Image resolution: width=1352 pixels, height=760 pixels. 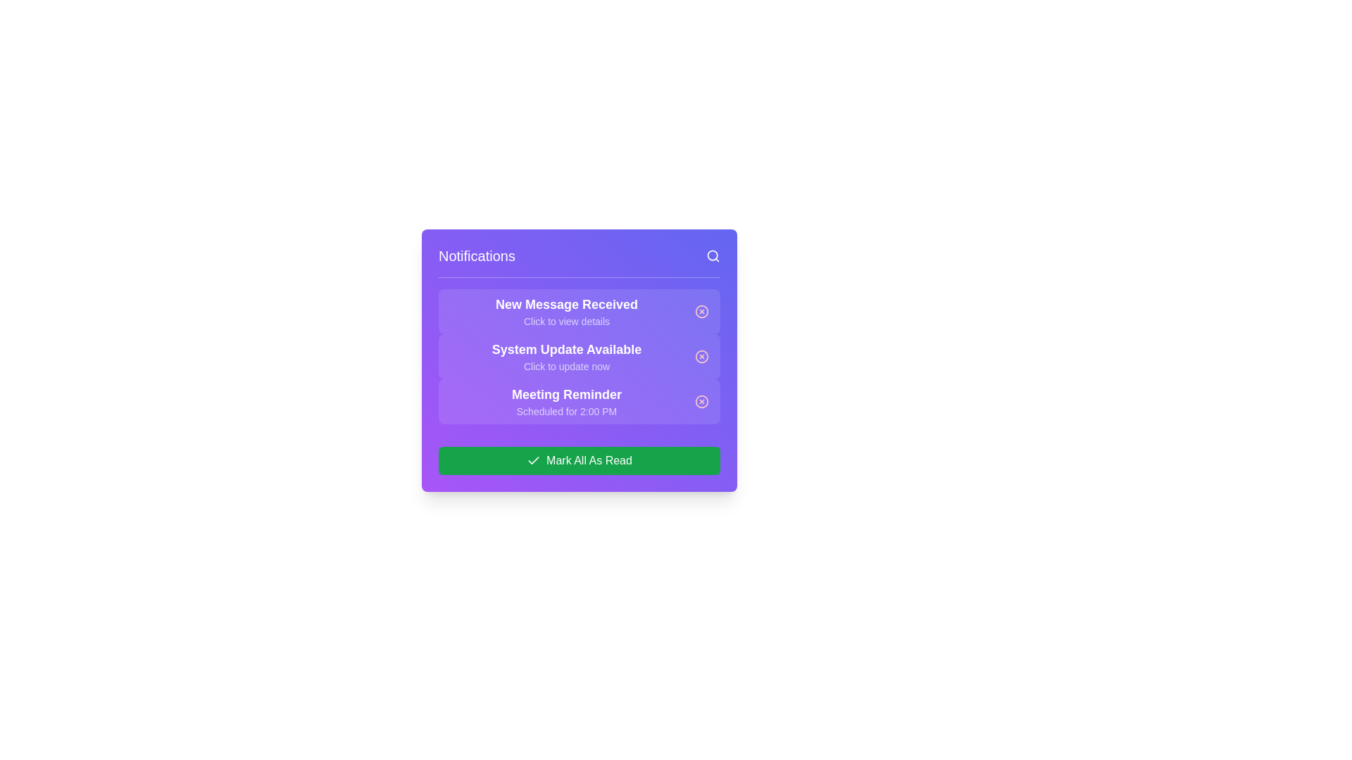 What do you see at coordinates (533, 461) in the screenshot?
I see `the Checkmark icon located on the left side of the green button labeled 'Mark All As Read' in the bottom section of the notification panel` at bounding box center [533, 461].